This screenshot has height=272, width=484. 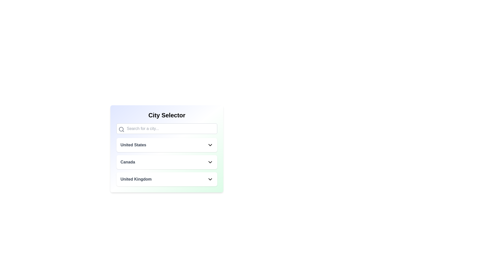 I want to click on the circular shape inside the magnifying glass icon located in the 'City Selector' module, so click(x=121, y=129).